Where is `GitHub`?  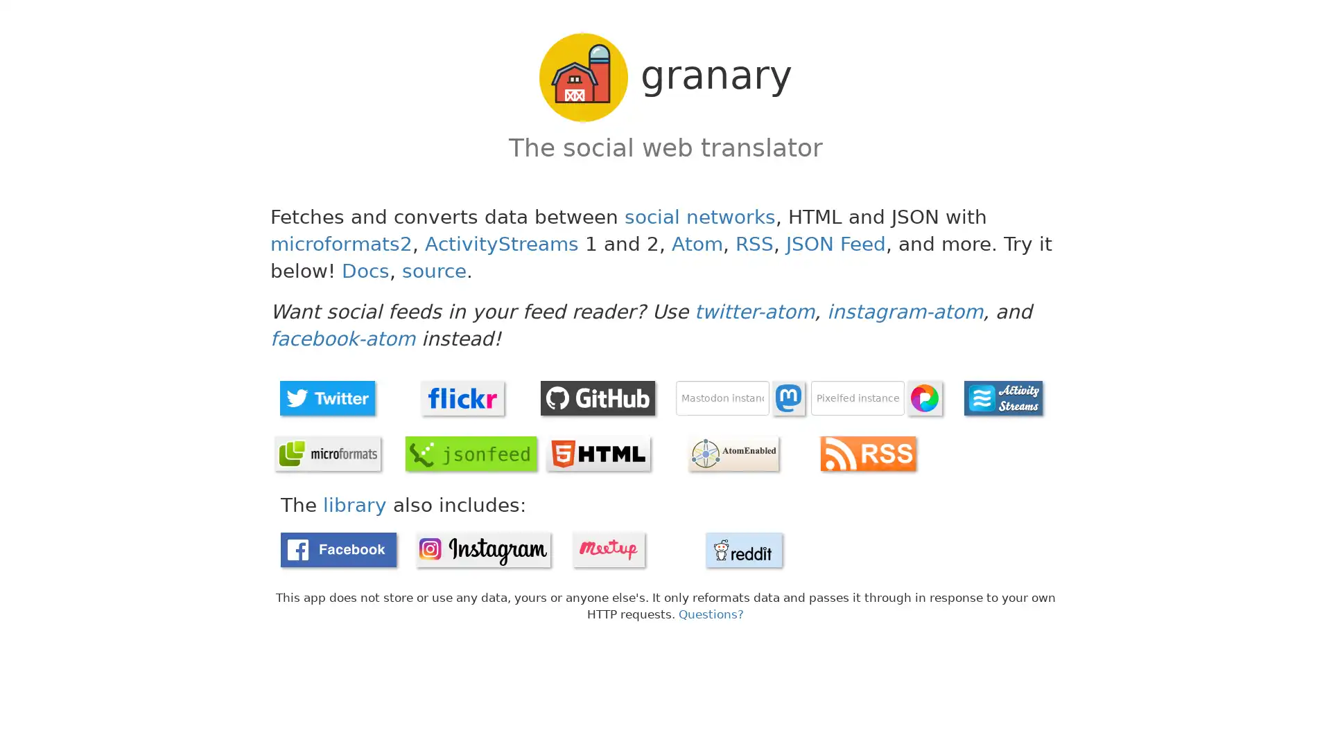 GitHub is located at coordinates (598, 398).